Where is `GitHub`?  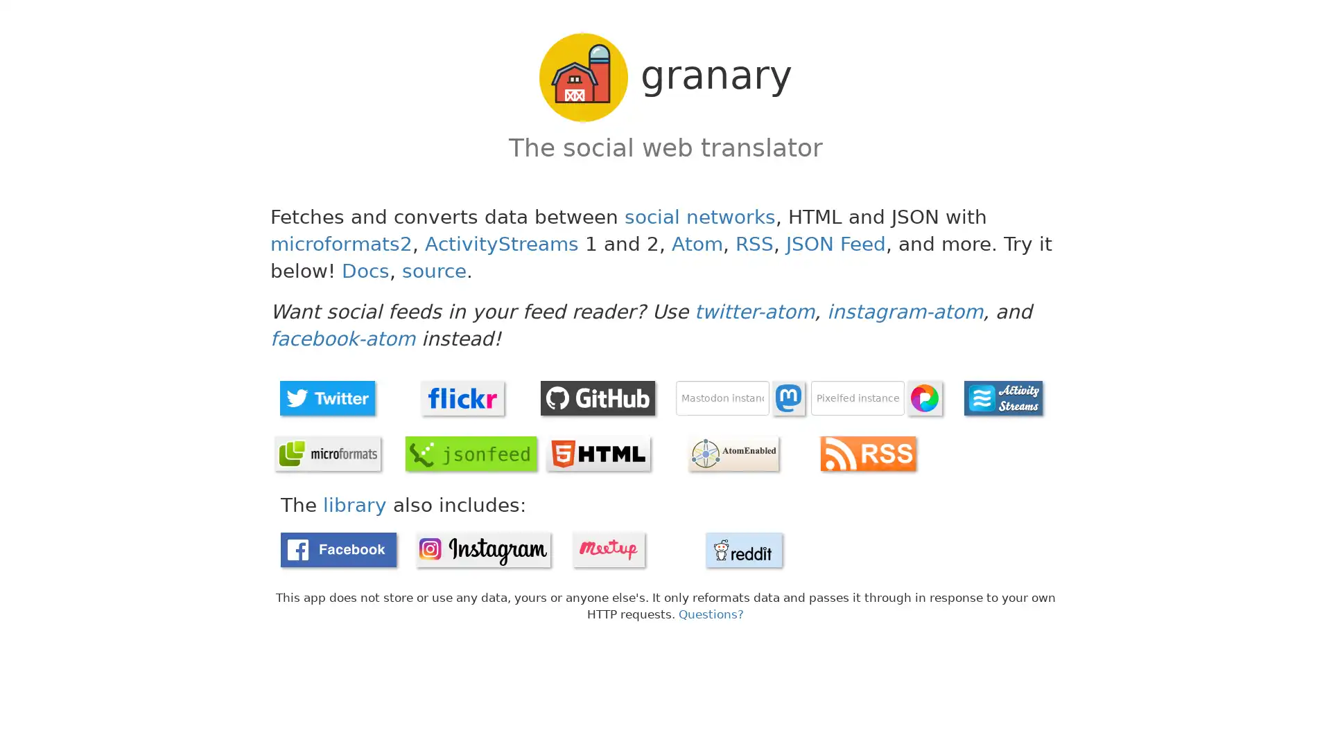 GitHub is located at coordinates (598, 398).